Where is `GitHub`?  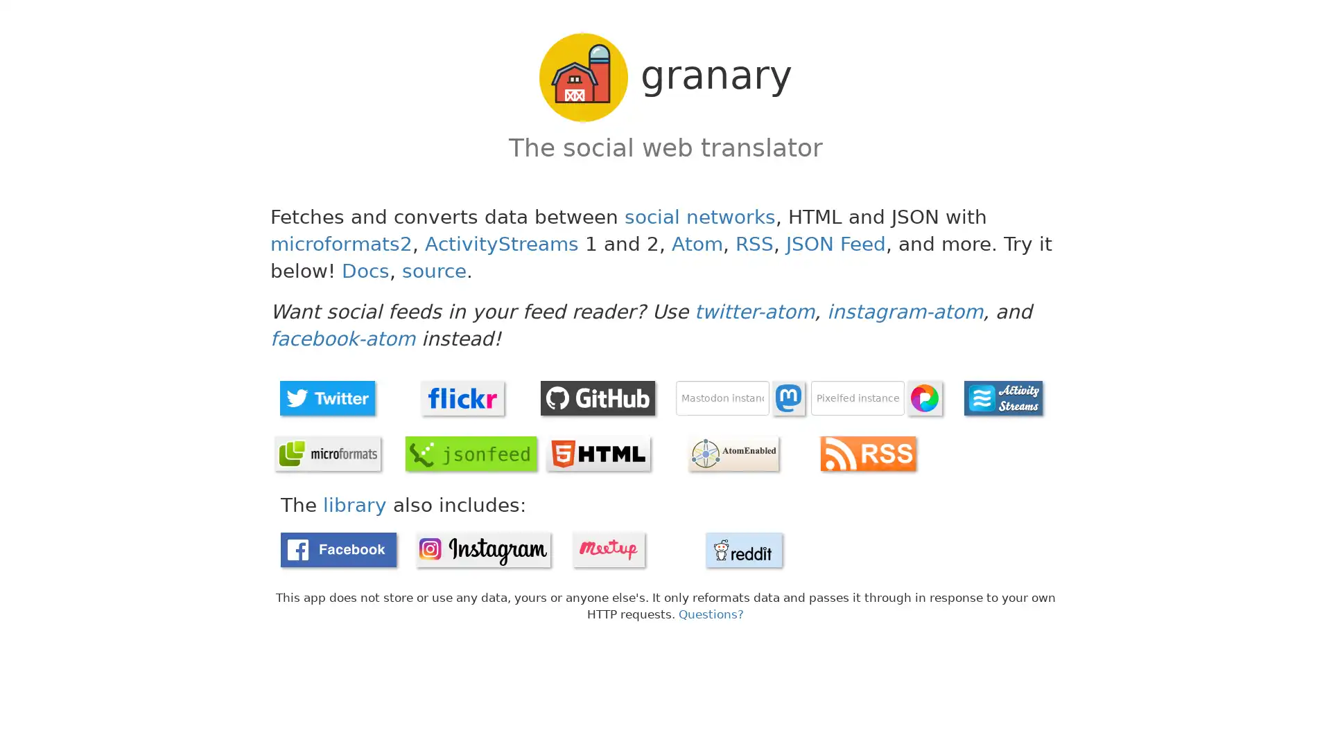 GitHub is located at coordinates (598, 398).